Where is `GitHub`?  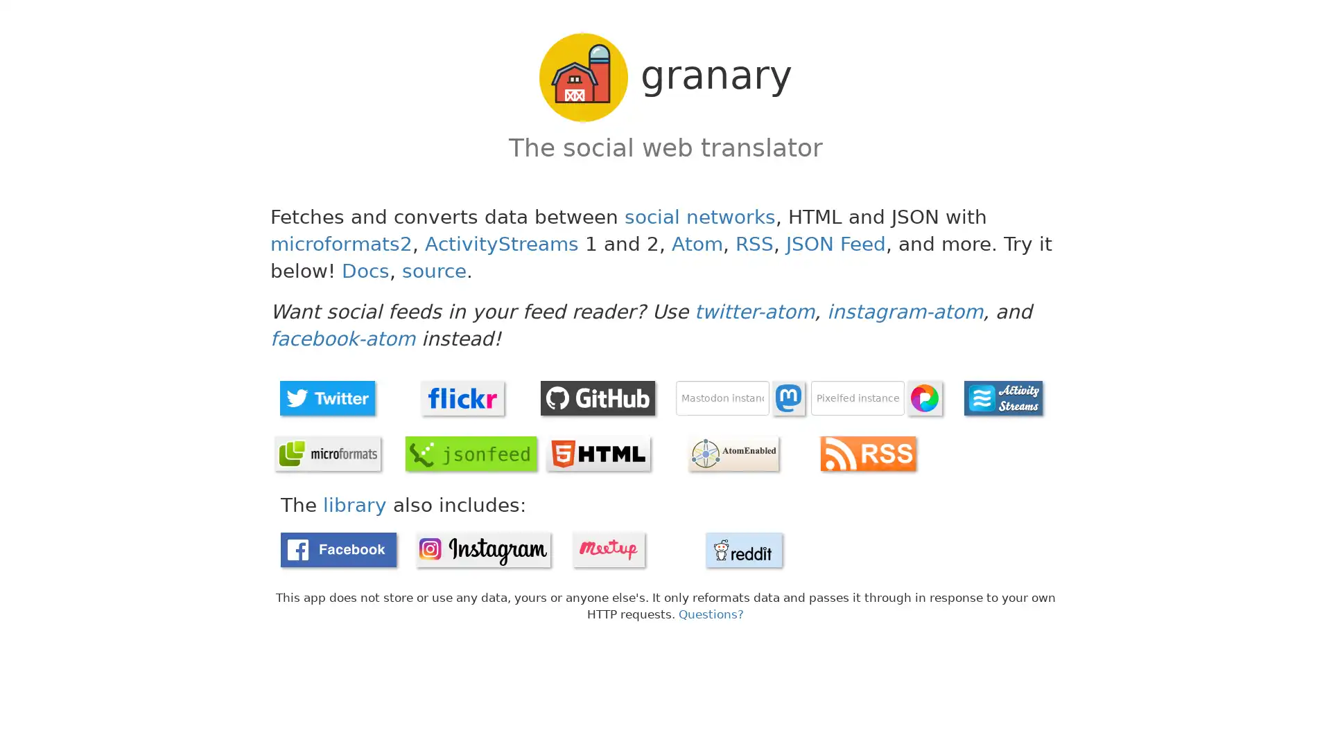 GitHub is located at coordinates (598, 398).